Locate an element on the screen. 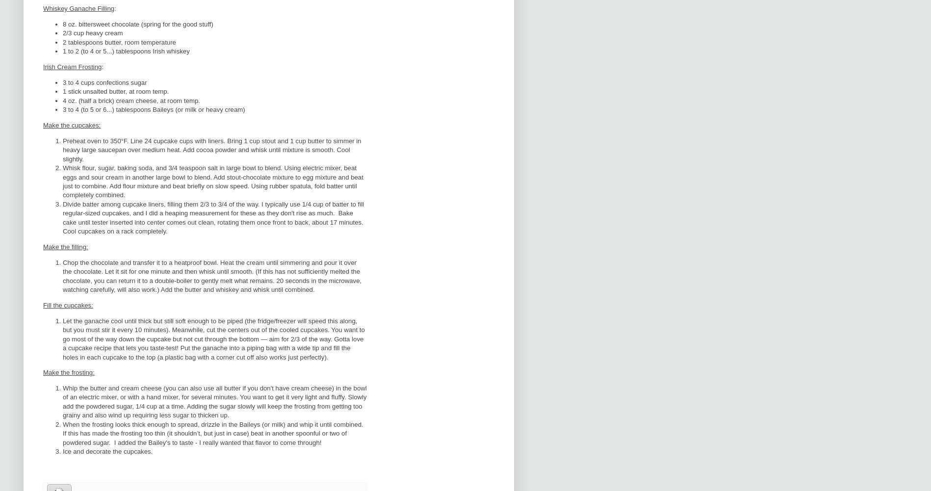 This screenshot has height=491, width=931. 'Whisk flour, sugar, baking soda, and 3/4 teaspoon salt in large bowl  to blend. Using electric mixer, beat eggs and sour cream in another  large bowl to blend. Add stout-chocolate mixture to egg mixture and beat  just to combine. Add flour mixture and beat briefly on slow speed.  Using rubber spatula, fold batter until completely combined.' is located at coordinates (213, 181).